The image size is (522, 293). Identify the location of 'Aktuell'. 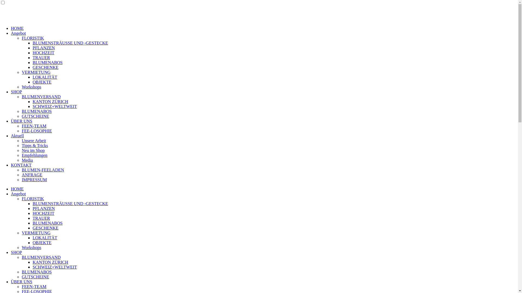
(11, 135).